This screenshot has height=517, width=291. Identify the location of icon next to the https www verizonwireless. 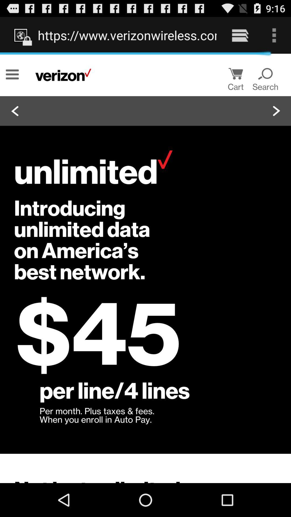
(240, 35).